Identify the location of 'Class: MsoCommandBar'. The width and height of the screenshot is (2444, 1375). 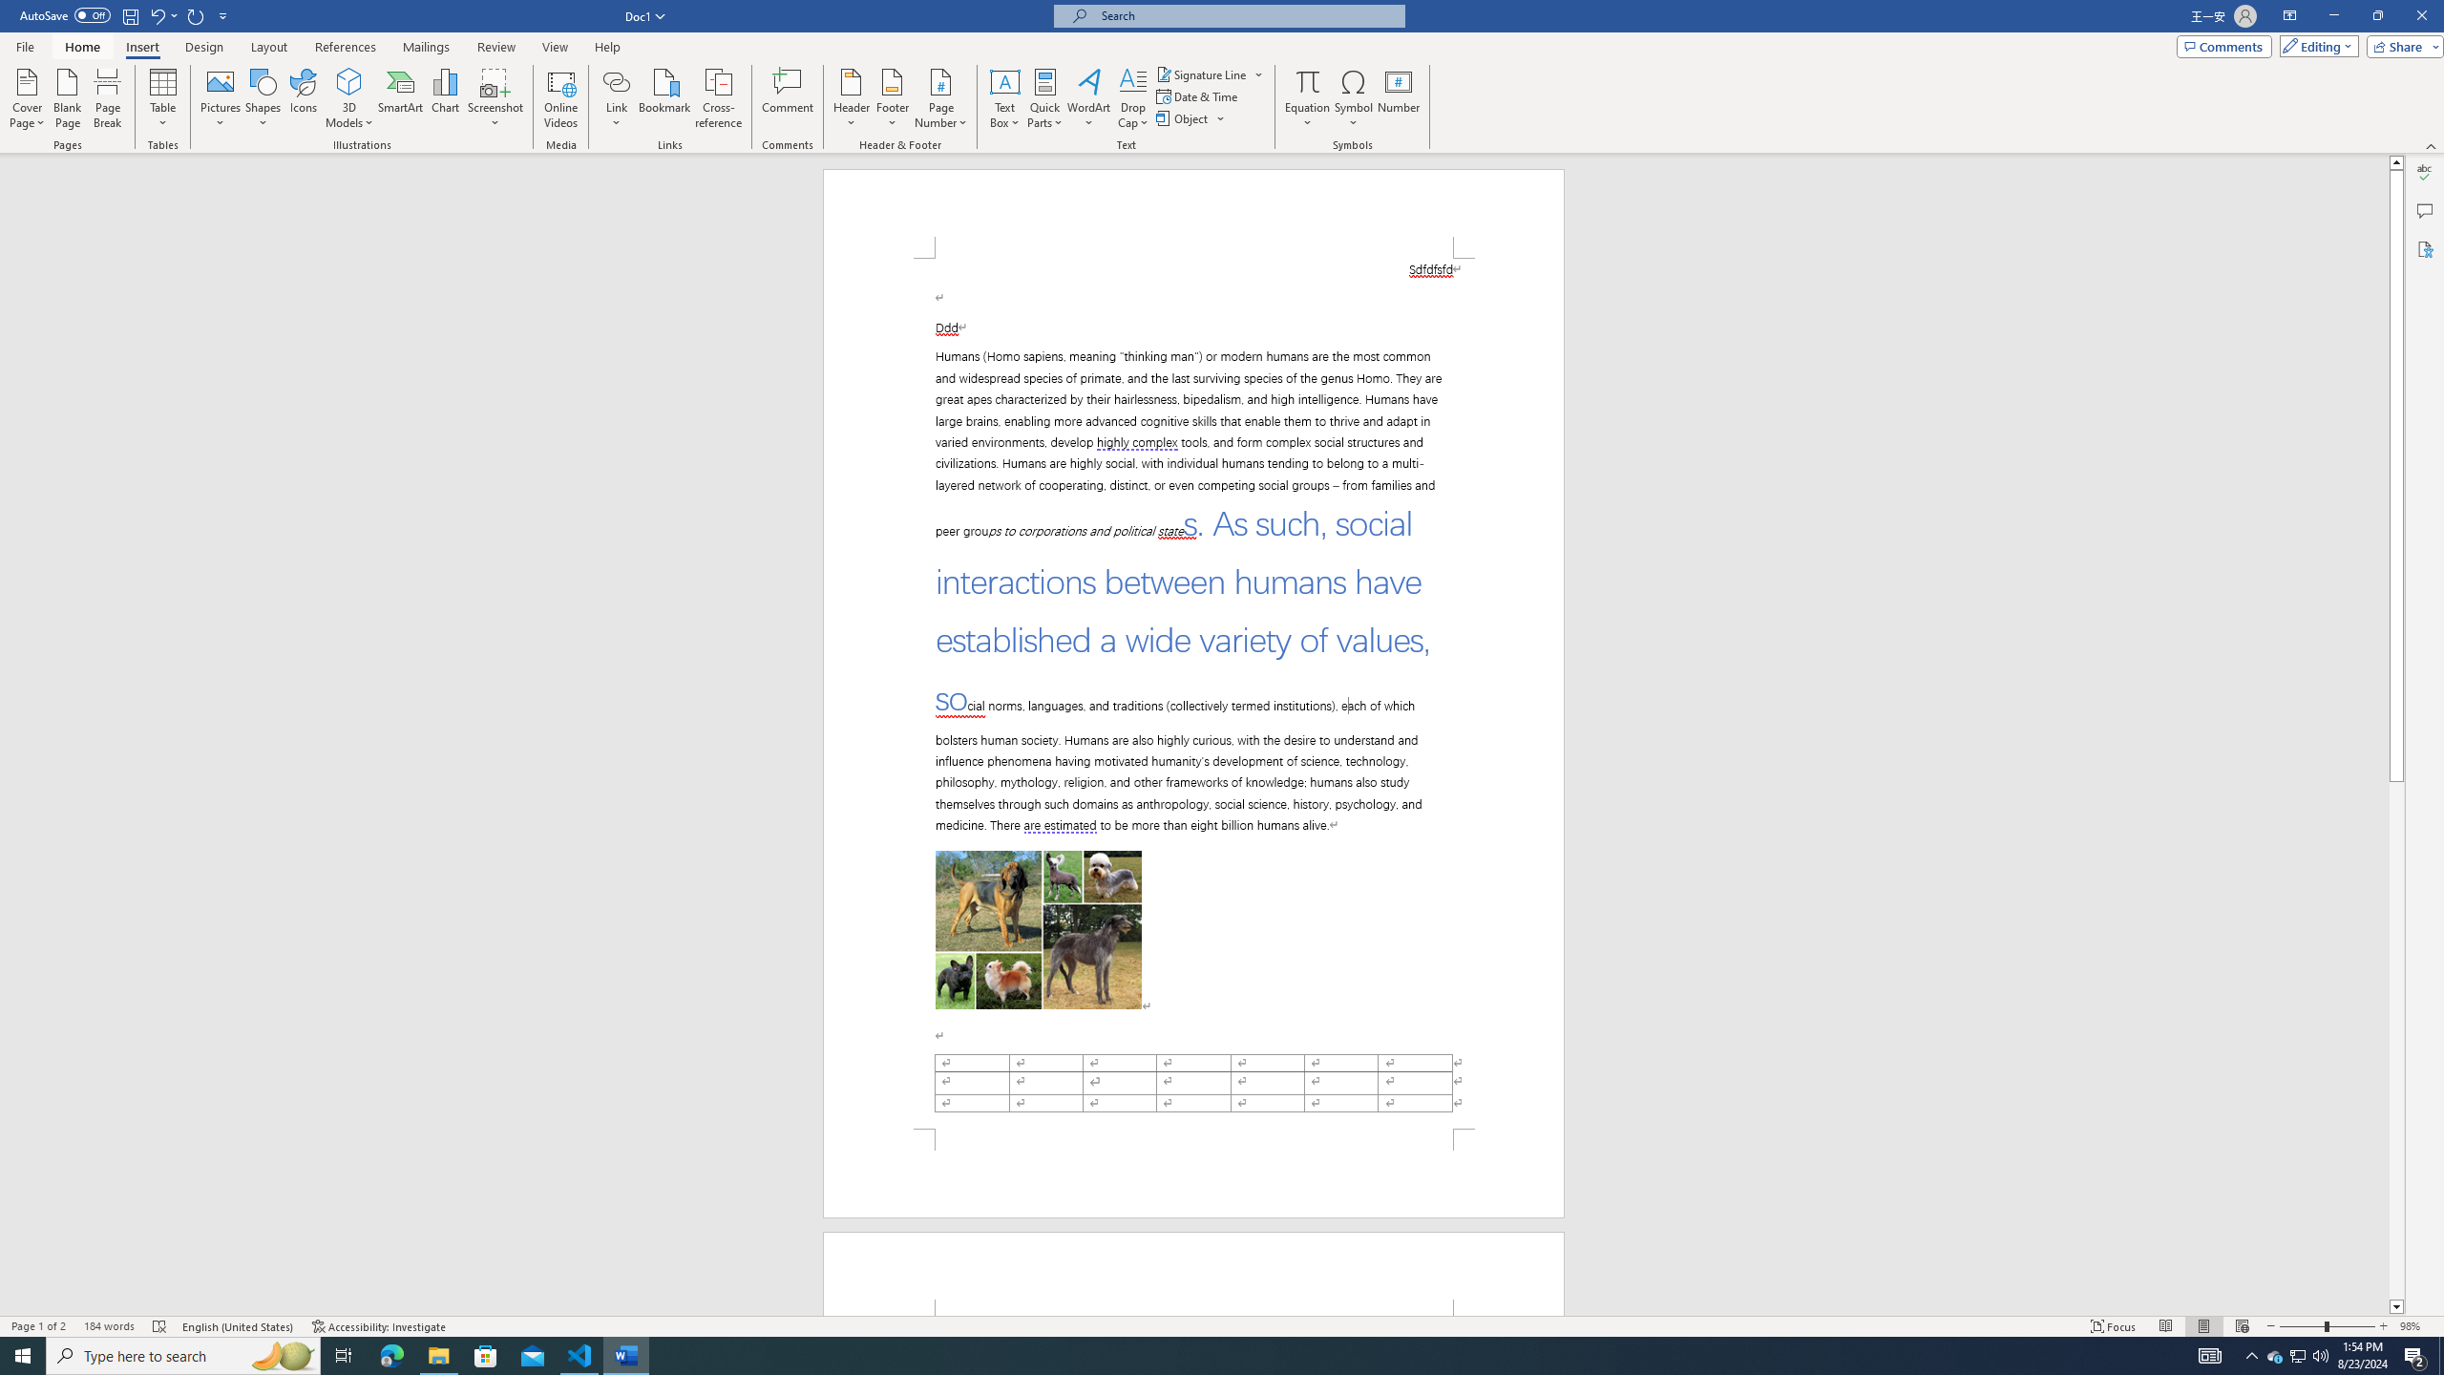
(1222, 1324).